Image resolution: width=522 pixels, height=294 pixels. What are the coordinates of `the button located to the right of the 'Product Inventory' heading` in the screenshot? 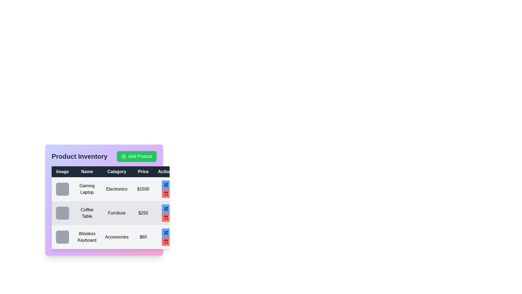 It's located at (137, 156).